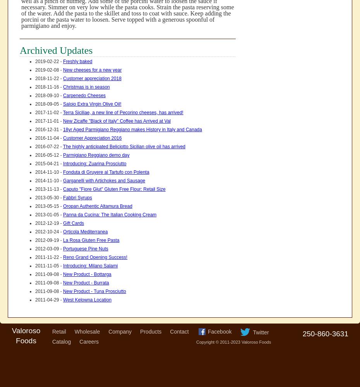 Image resolution: width=360 pixels, height=387 pixels. I want to click on 'Fonduta di Gruyere al Tartufo con Polenta', so click(106, 172).